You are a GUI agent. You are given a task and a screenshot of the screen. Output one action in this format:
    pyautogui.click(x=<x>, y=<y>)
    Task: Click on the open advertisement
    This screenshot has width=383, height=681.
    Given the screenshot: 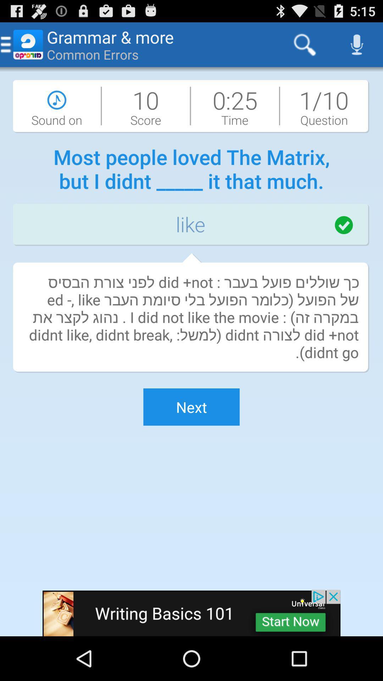 What is the action you would take?
    pyautogui.click(x=191, y=613)
    